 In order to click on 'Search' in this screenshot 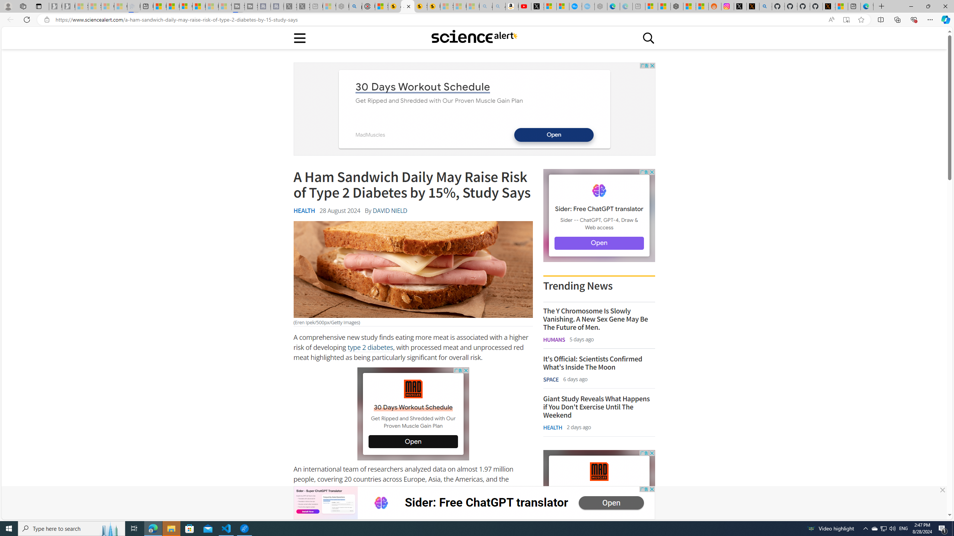, I will do `click(648, 37)`.